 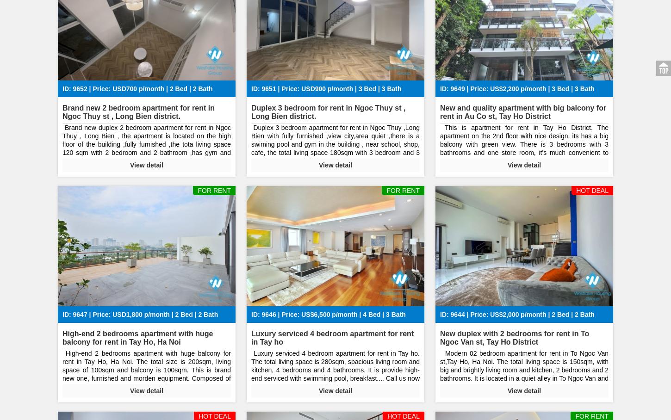 I want to click on 'Luxury serviced 4 bedroom apartment for rent in Tay ho', so click(x=332, y=337).